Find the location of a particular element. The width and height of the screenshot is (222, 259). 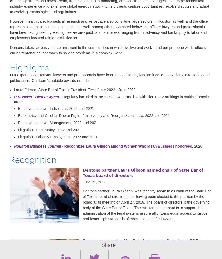

'Litigation - Labor & Employment, 2022 and 2021' is located at coordinates (57, 136).